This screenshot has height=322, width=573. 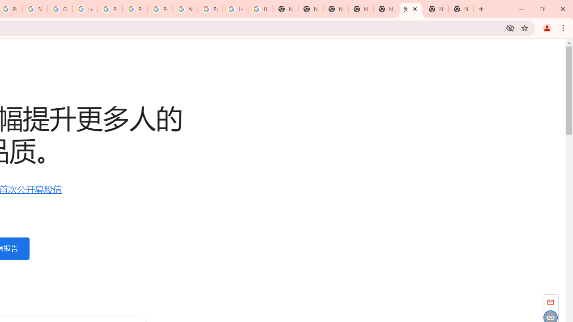 What do you see at coordinates (461, 9) in the screenshot?
I see `'New Tab'` at bounding box center [461, 9].